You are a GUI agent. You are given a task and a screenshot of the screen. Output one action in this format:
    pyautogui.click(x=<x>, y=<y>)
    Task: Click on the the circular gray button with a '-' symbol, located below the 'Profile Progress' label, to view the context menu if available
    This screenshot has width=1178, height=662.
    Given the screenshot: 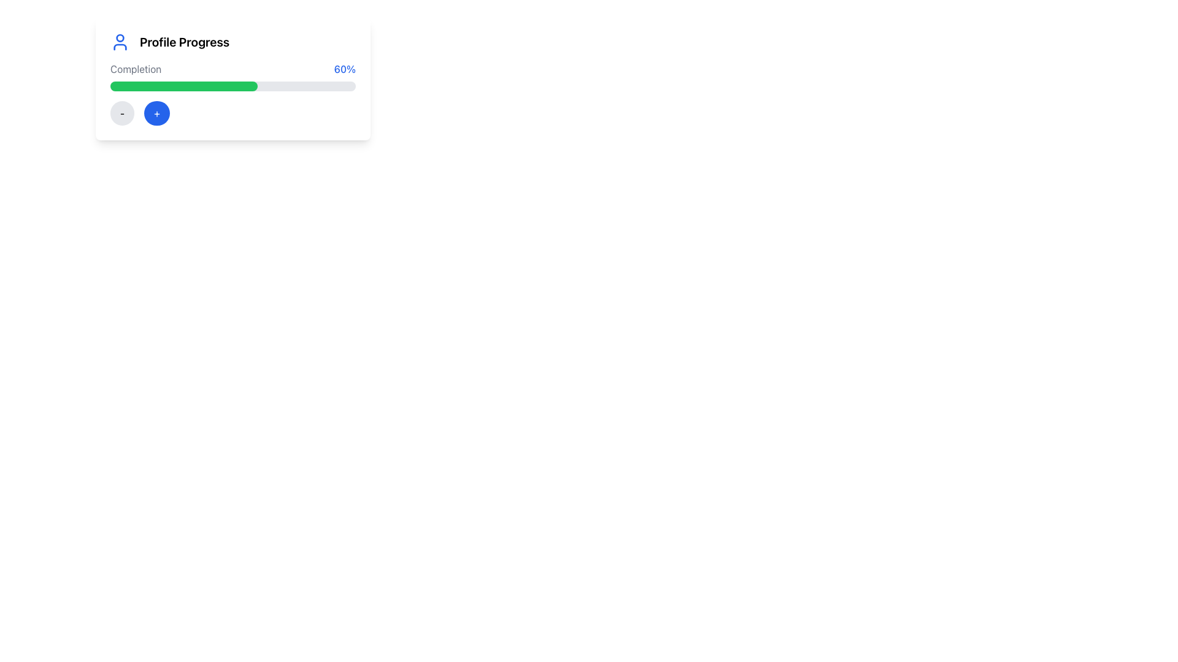 What is the action you would take?
    pyautogui.click(x=122, y=113)
    